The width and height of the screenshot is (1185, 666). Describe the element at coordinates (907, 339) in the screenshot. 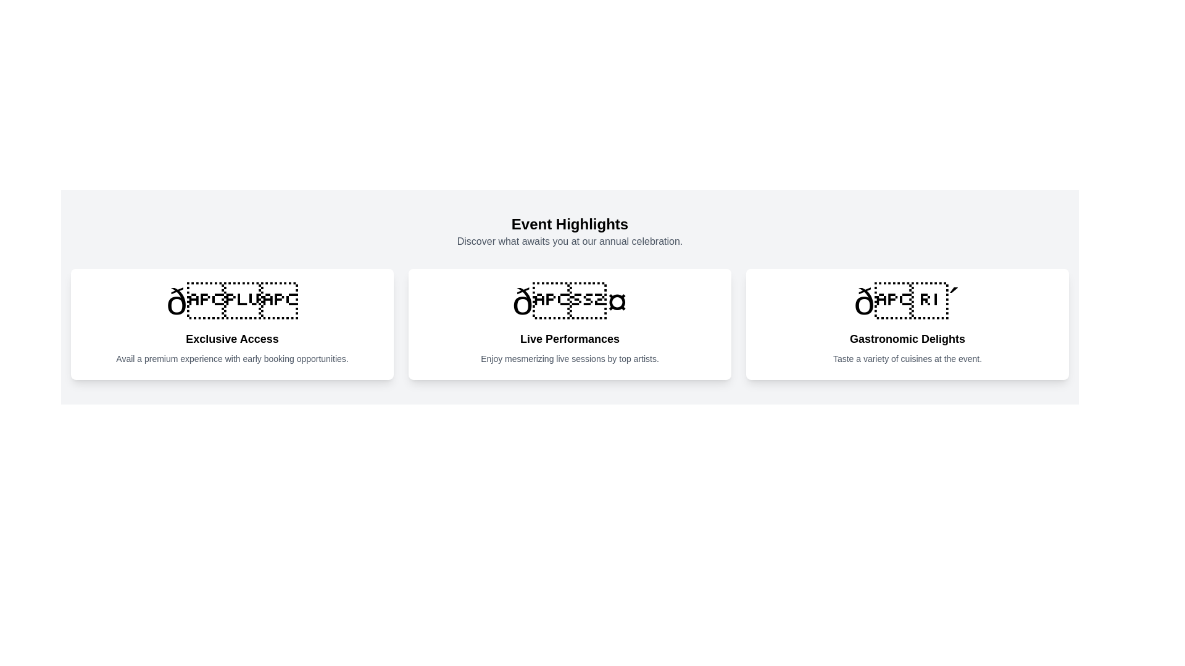

I see `text label that serves as a header or title in the rightmost feature card, which is positioned below an emoji icon and above a descriptive text line` at that location.